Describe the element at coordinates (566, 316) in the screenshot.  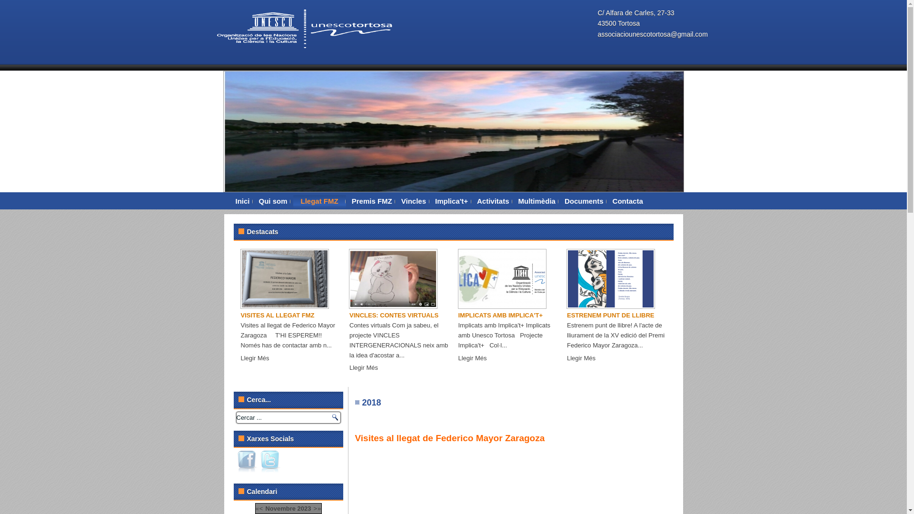
I see `'ESTRENEM PUNT DE LLIBRE'` at that location.